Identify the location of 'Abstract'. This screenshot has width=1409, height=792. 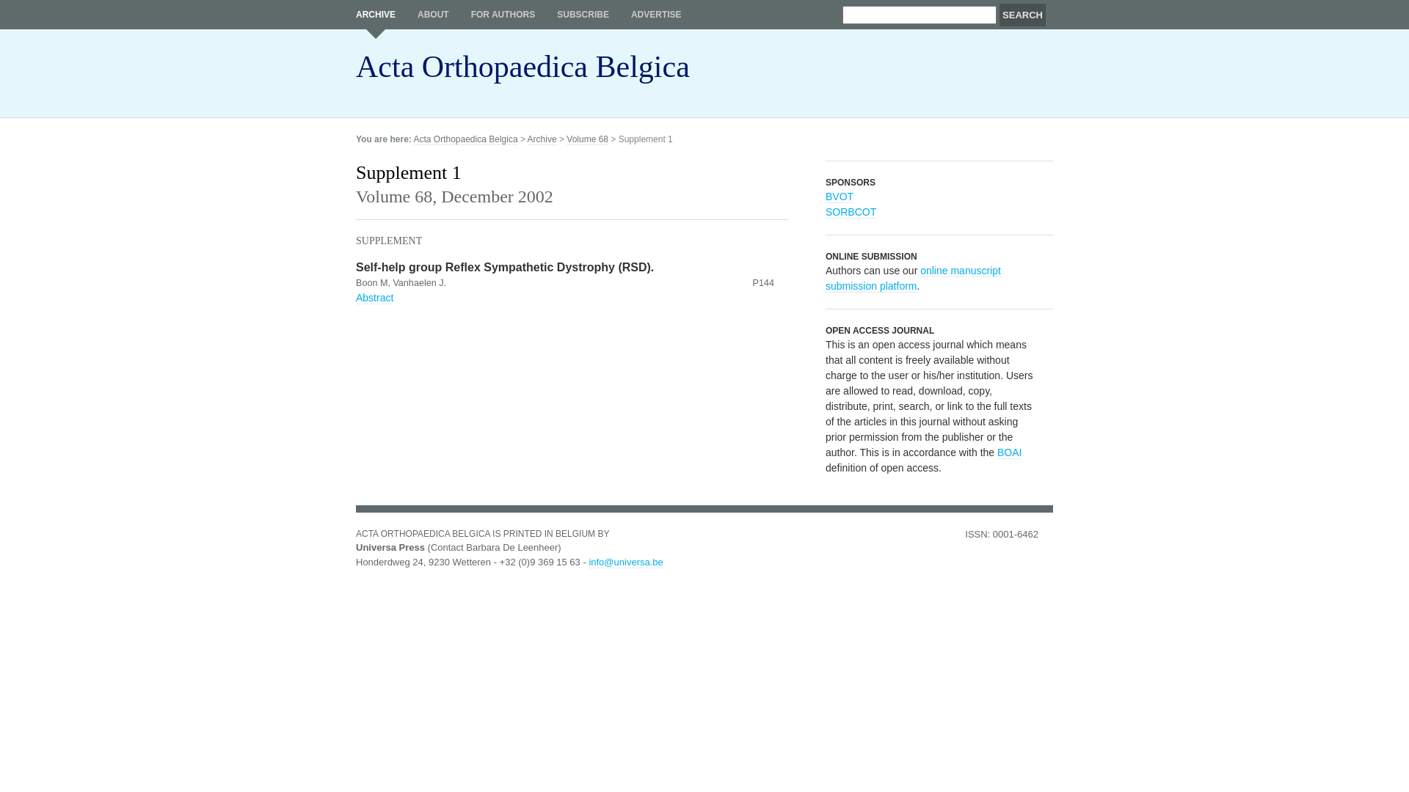
(374, 297).